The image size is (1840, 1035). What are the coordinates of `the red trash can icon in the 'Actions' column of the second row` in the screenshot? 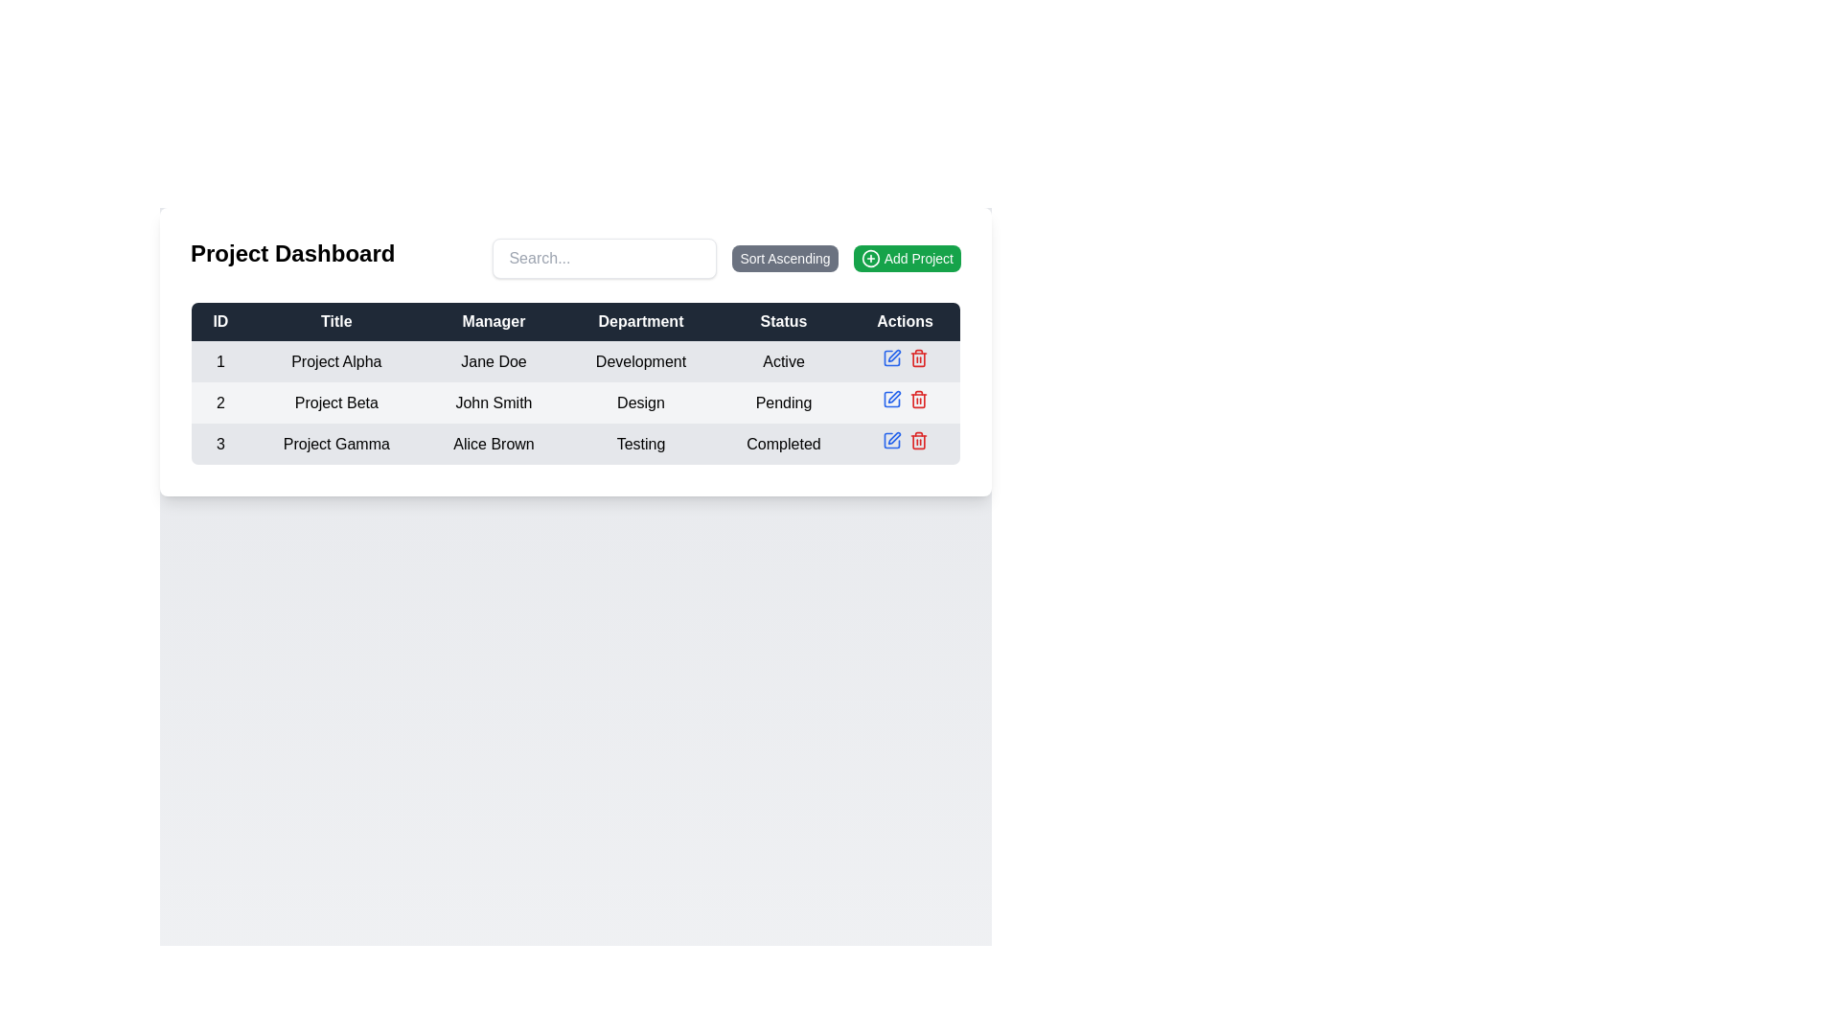 It's located at (917, 398).